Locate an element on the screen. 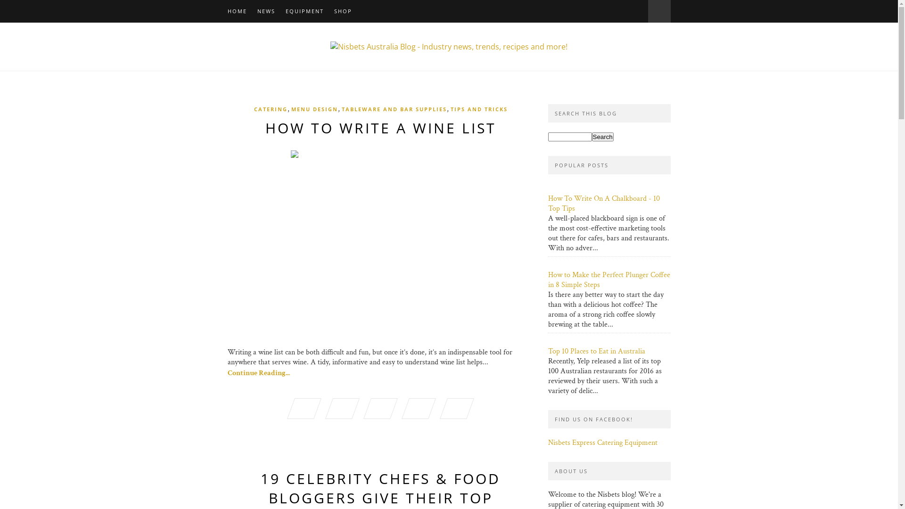 This screenshot has height=509, width=905. 'Nisbets Express Catering Equipment' is located at coordinates (601, 443).